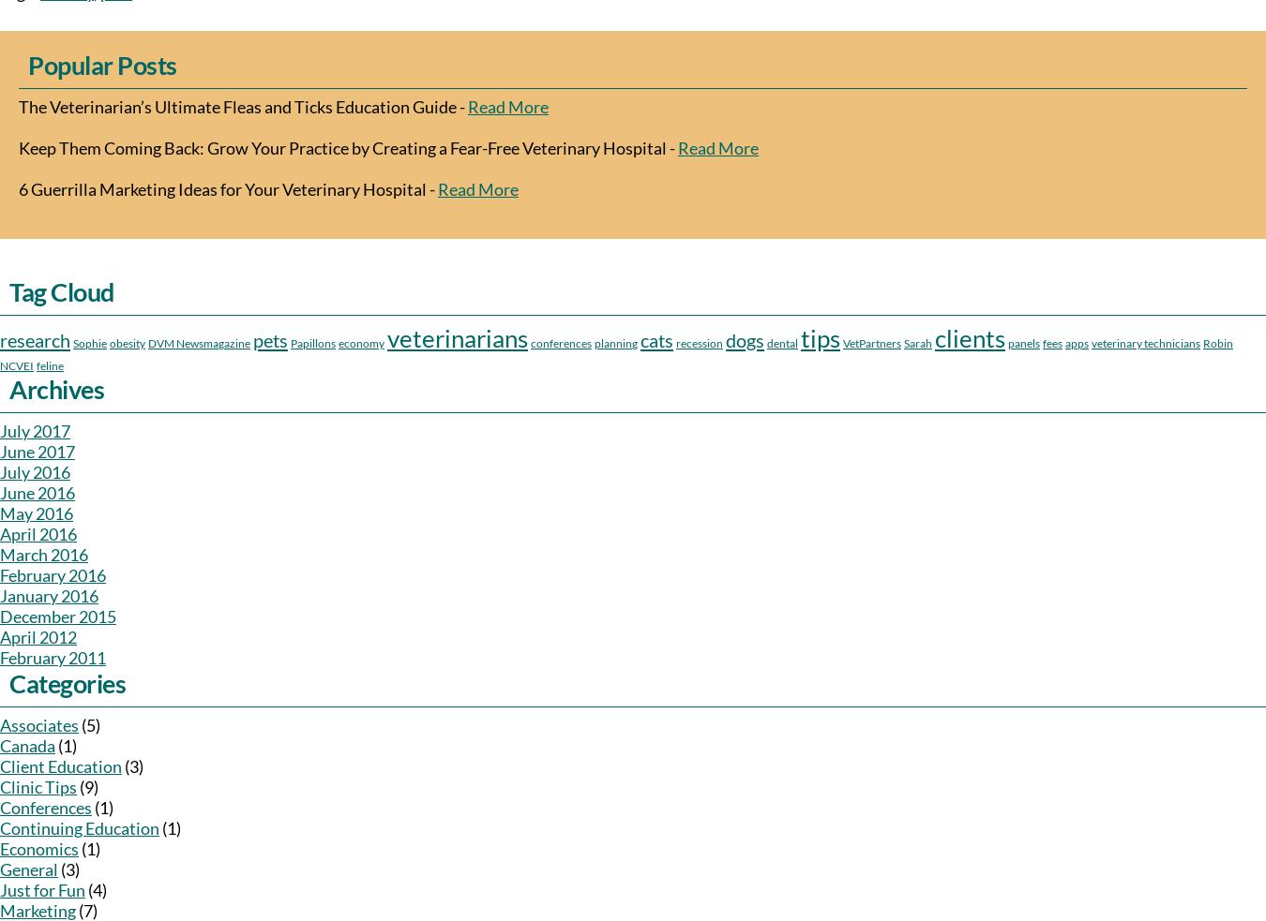 The image size is (1266, 921). What do you see at coordinates (15, 364) in the screenshot?
I see `'NCVEI'` at bounding box center [15, 364].